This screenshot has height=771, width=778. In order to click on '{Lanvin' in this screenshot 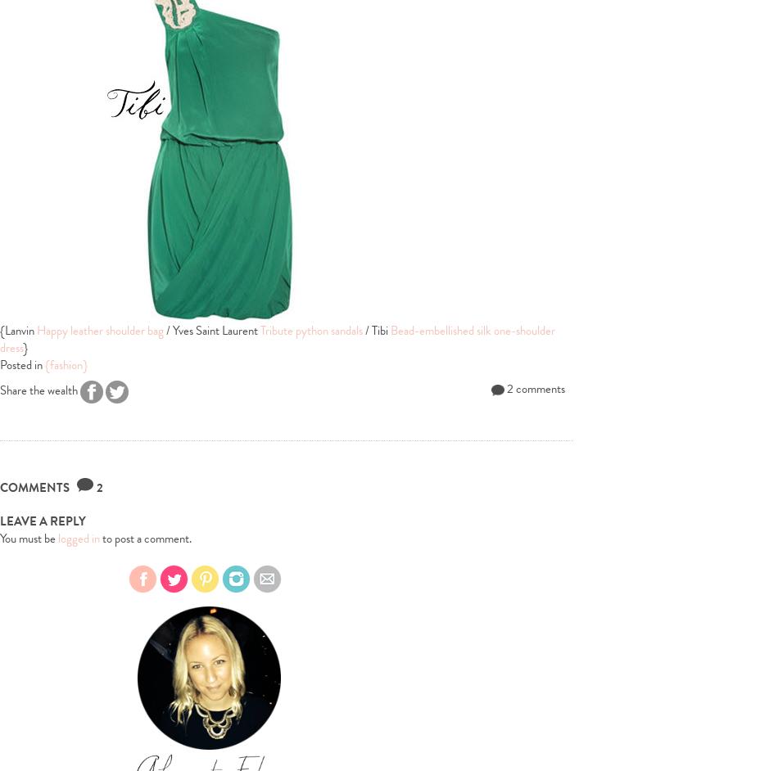, I will do `click(18, 331)`.